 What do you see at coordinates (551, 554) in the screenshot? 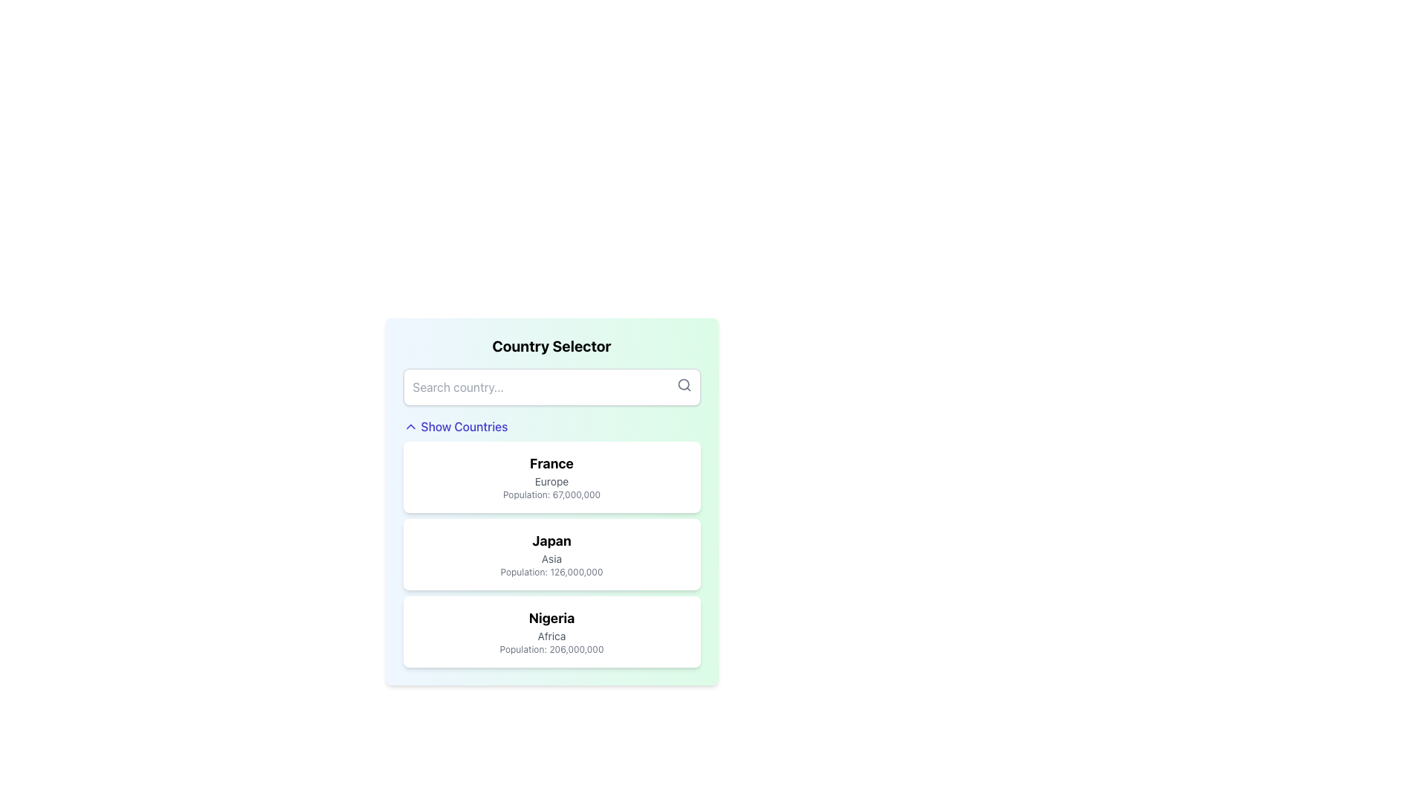
I see `the Informational Card displaying information about Japan, which is the second item in the vertical list of cards` at bounding box center [551, 554].